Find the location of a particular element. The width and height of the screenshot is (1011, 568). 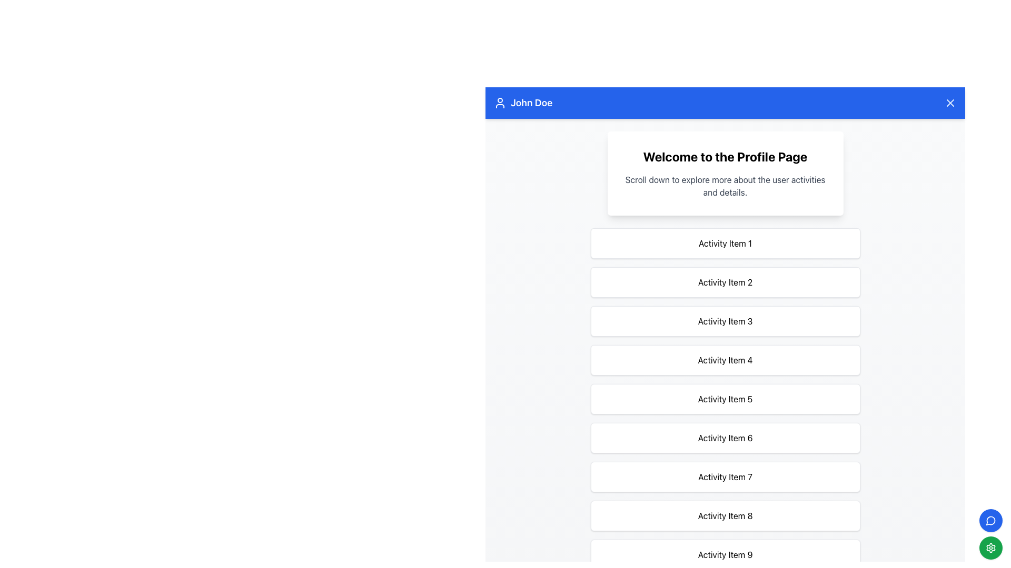

the green circular icon with a white gear symbol located in the bottom-right corner is located at coordinates (990, 547).